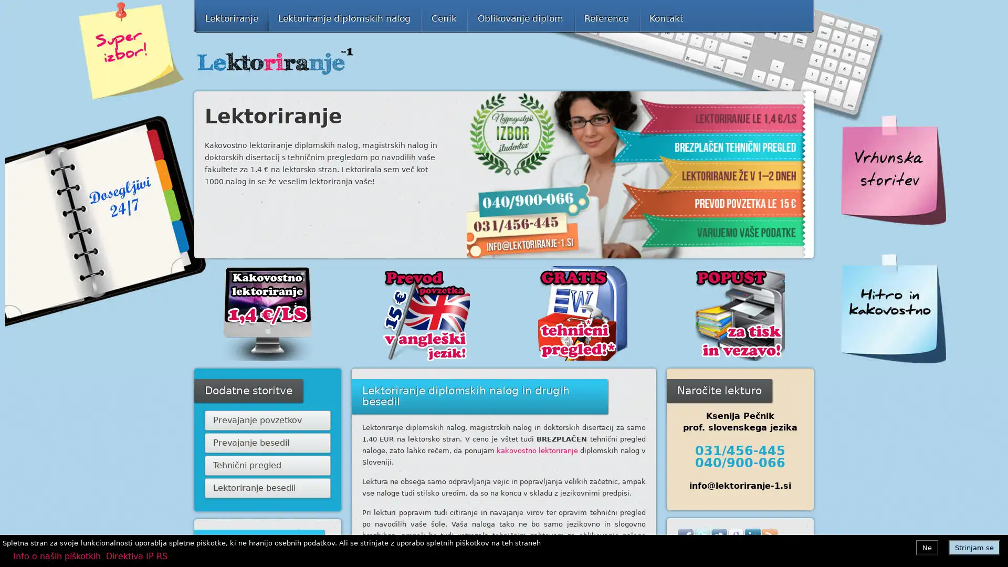 The image size is (1008, 567). I want to click on Share, so click(765, 553).